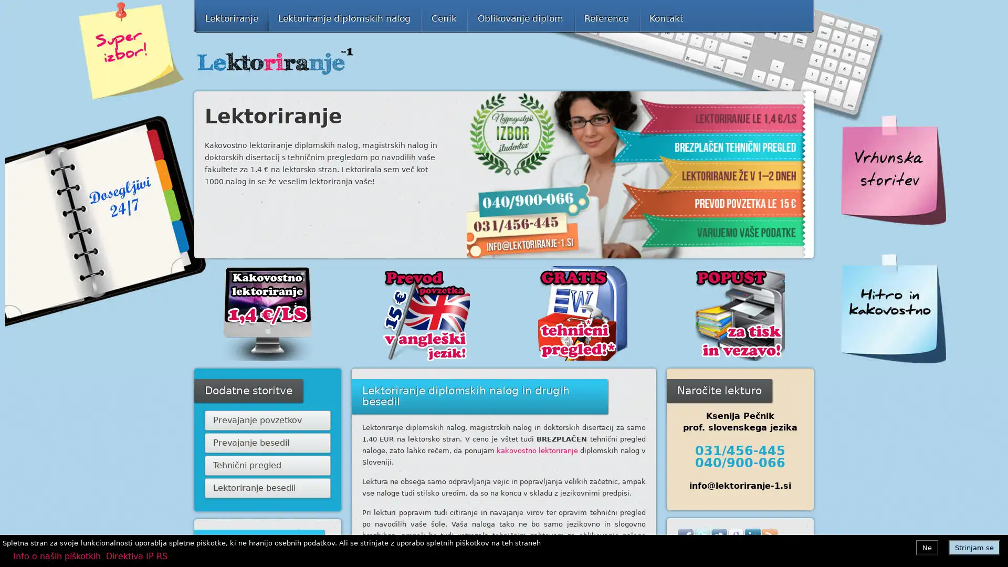 The image size is (1008, 567). I want to click on Share, so click(765, 553).